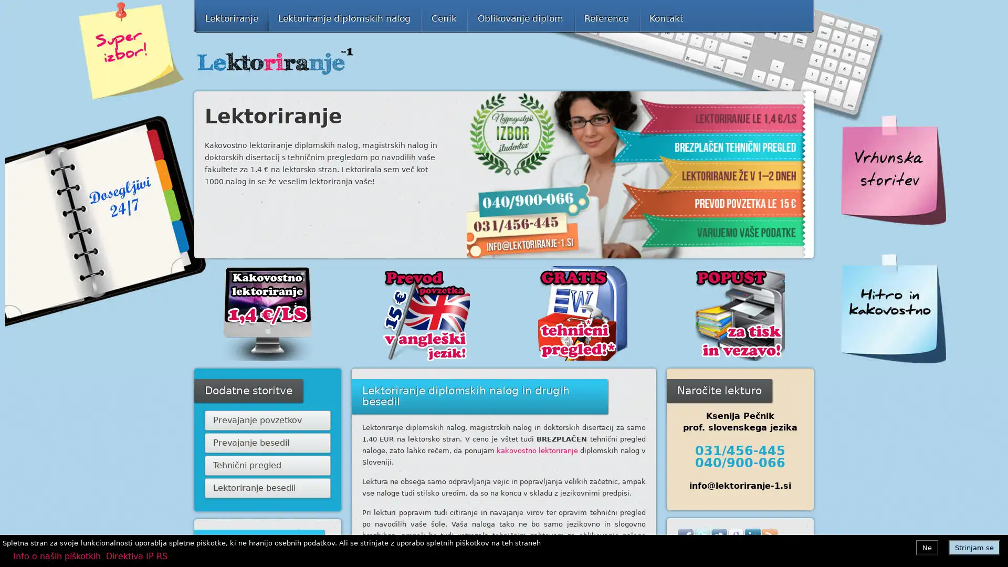 The image size is (1008, 567). I want to click on Share, so click(765, 553).